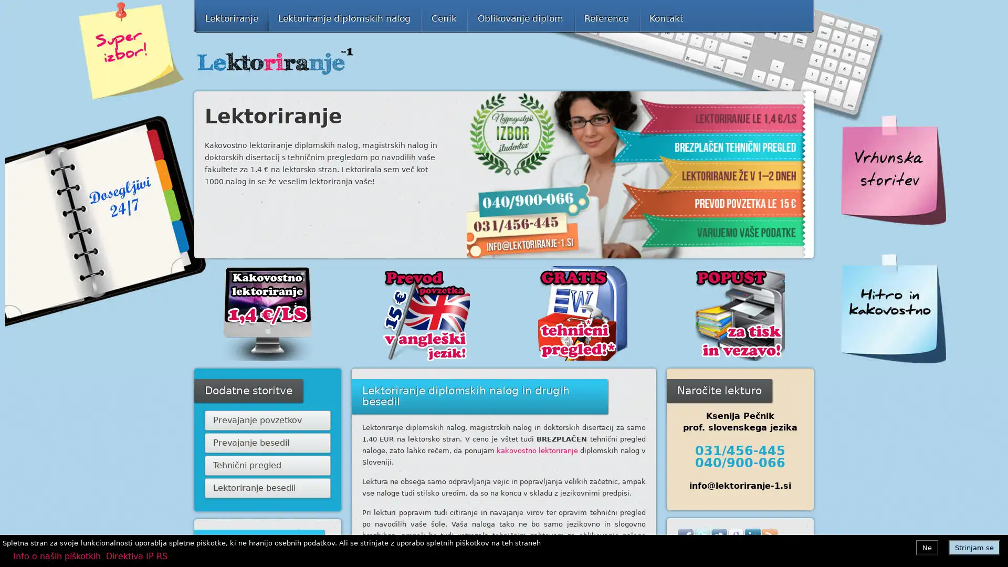 The image size is (1008, 567). I want to click on Share, so click(765, 553).